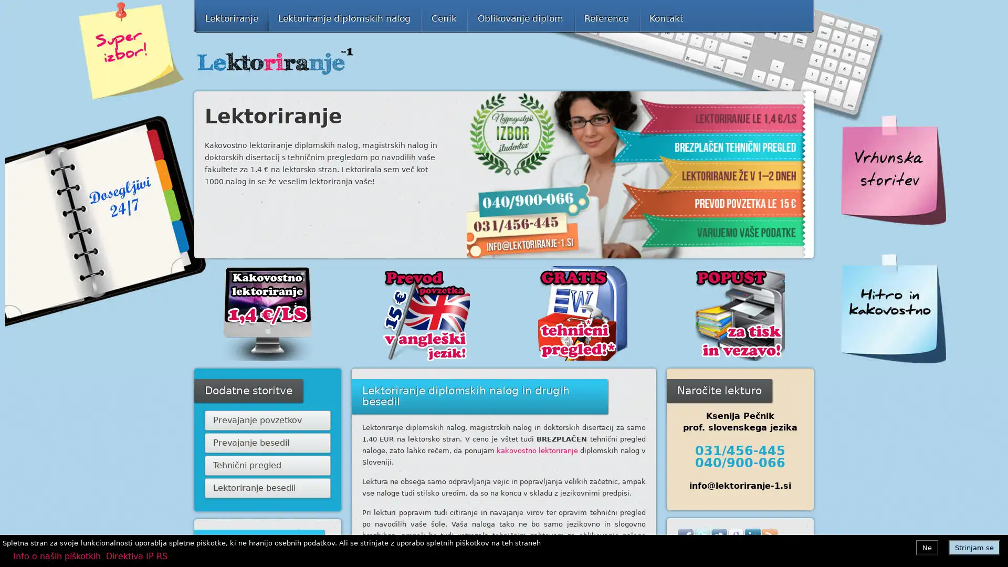 The image size is (1008, 567). I want to click on Share, so click(765, 553).